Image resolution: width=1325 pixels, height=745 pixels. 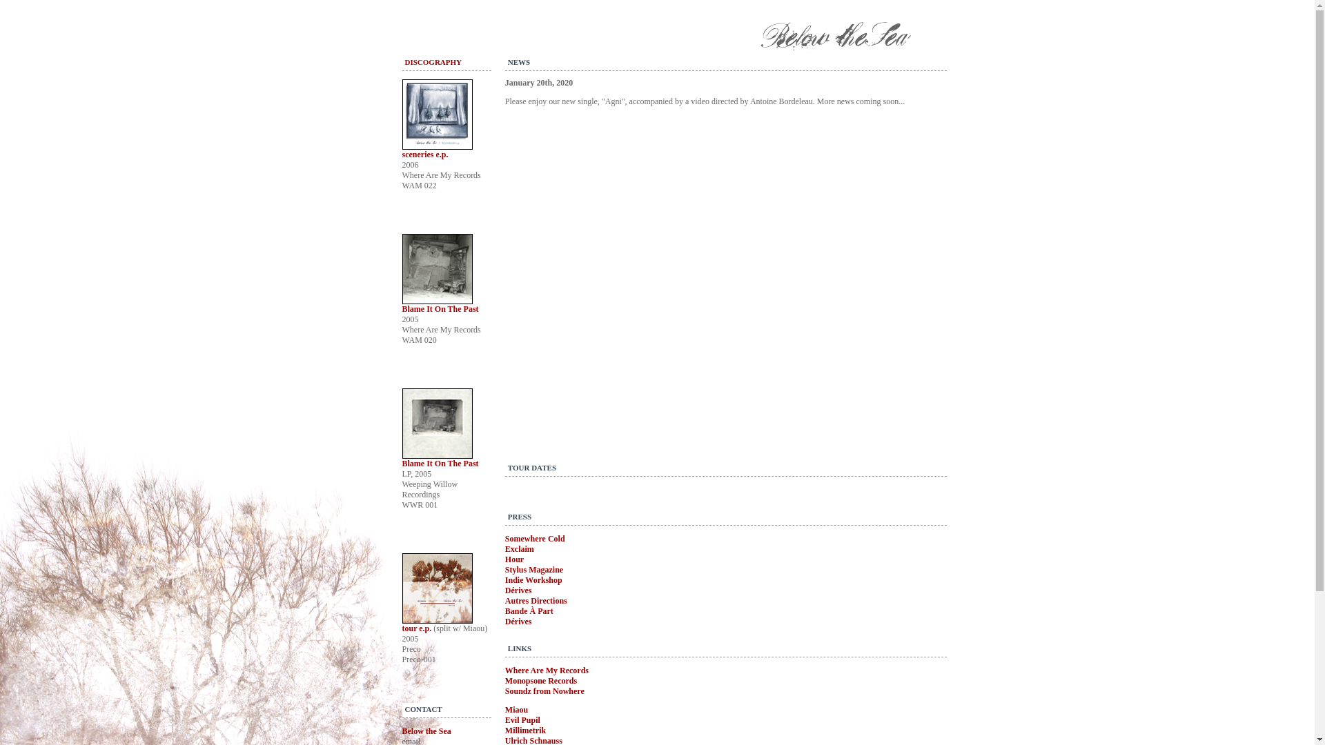 I want to click on 'Blame It On The Past', so click(x=439, y=308).